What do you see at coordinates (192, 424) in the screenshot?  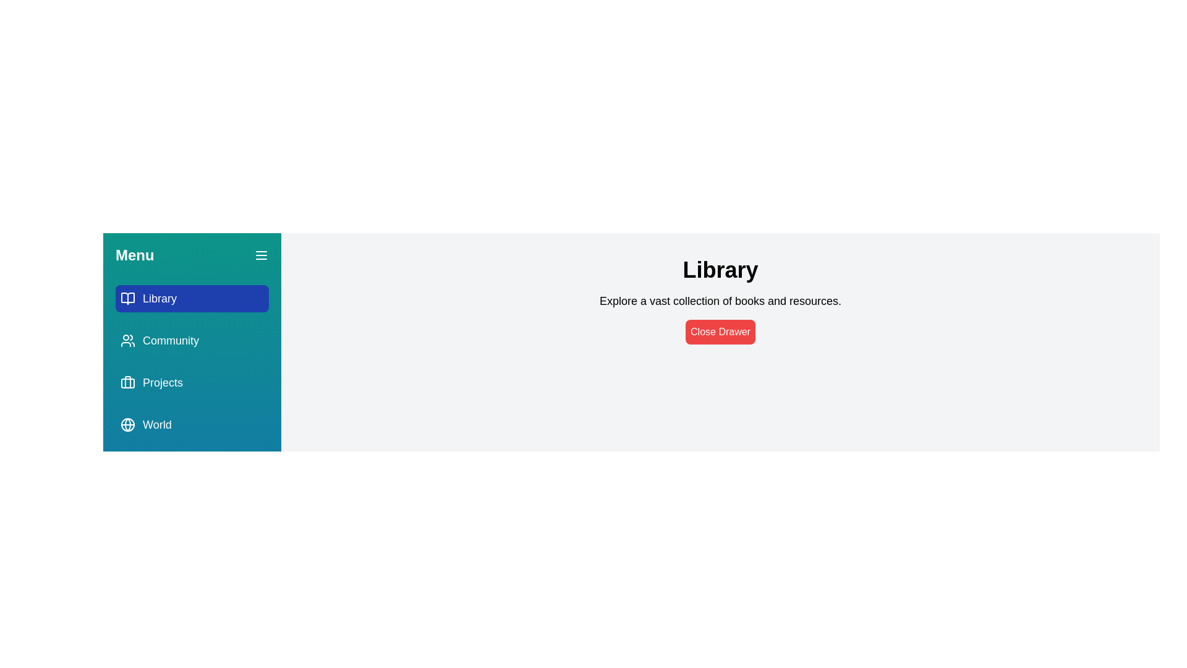 I see `the menu item World to observe its hover effect` at bounding box center [192, 424].